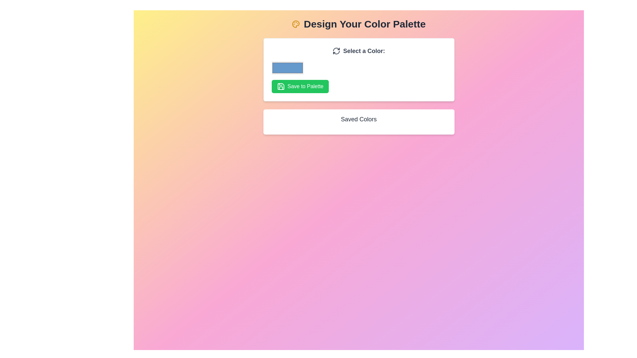 This screenshot has height=358, width=637. Describe the element at coordinates (281, 86) in the screenshot. I see `the 'Save to Palette' icon, which is a small document-like shape within a green button, indicating the action to save colors` at that location.